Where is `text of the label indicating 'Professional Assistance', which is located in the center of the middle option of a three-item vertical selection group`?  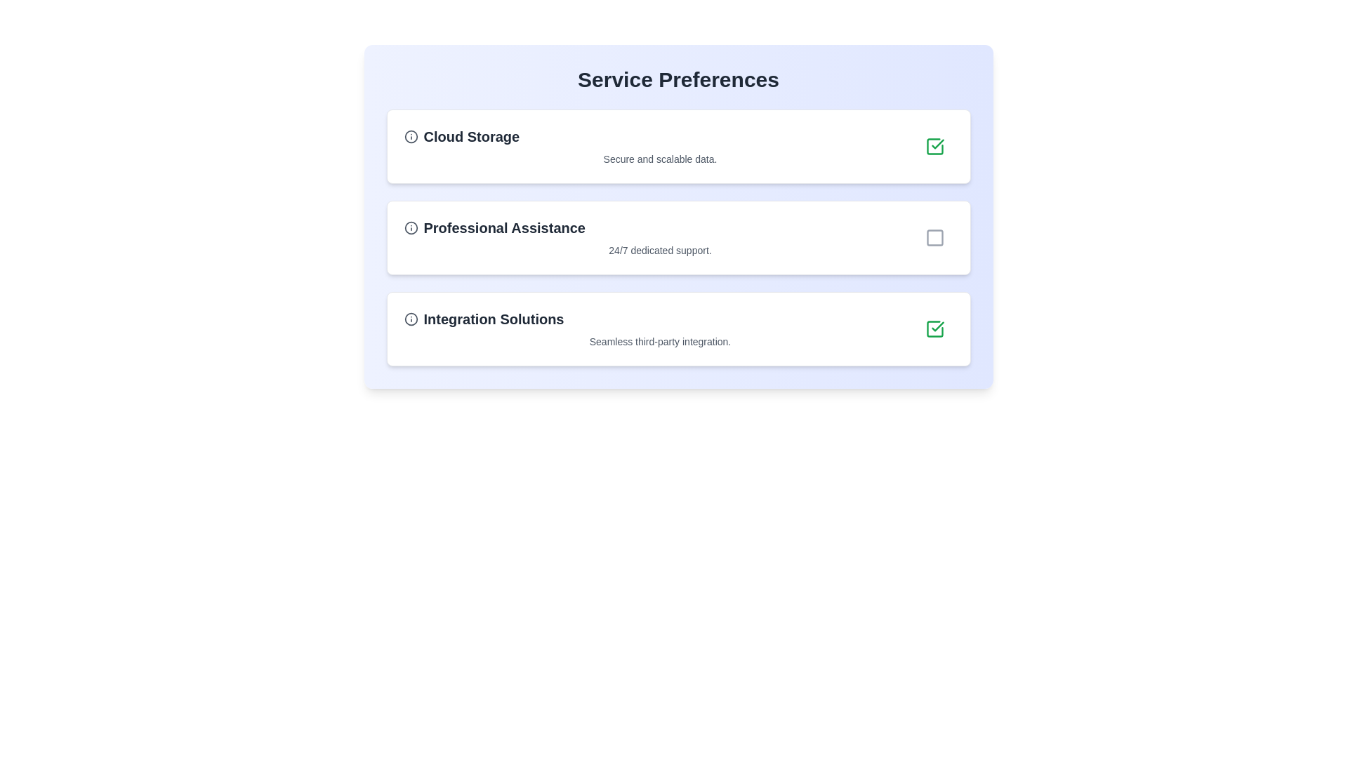 text of the label indicating 'Professional Assistance', which is located in the center of the middle option of a three-item vertical selection group is located at coordinates (504, 227).